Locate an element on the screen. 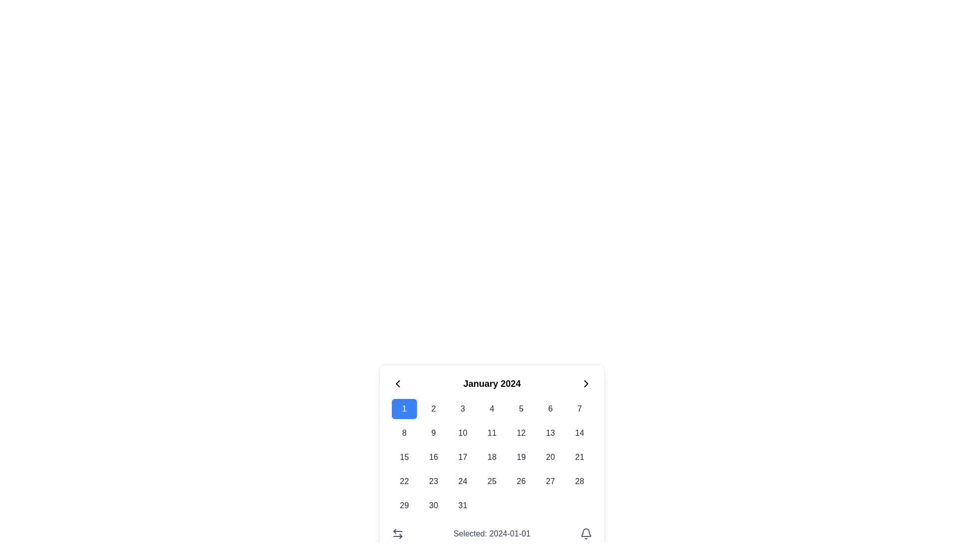  the button-like date tile representing the date '3' in the January 2024 calendar is located at coordinates (462, 409).